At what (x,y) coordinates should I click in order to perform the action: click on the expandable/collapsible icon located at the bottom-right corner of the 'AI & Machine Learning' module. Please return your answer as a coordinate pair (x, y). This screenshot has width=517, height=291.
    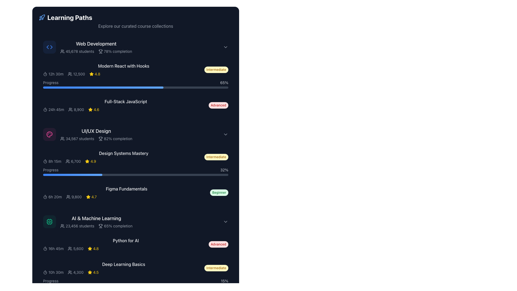
    Looking at the image, I should click on (226, 221).